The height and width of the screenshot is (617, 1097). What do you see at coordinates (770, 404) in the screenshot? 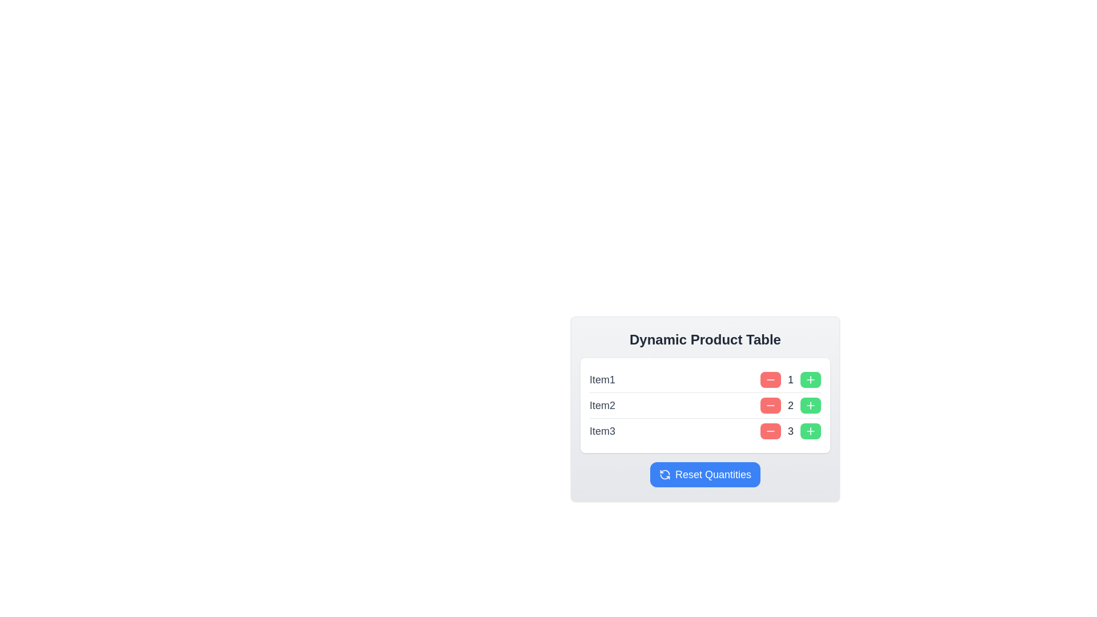
I see `the compact circular minus button with a red background to decrease the quantity of 'Item2' in the Dynamic Product Table` at bounding box center [770, 404].